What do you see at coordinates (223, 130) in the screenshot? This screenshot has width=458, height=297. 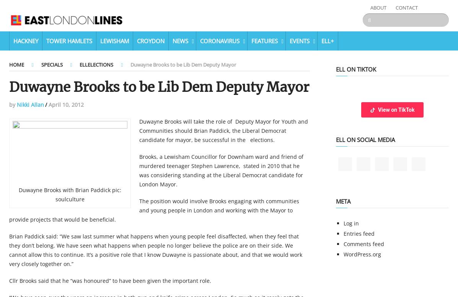 I see `'Duwayne Brooks will take the role of  Deputy Mayor for Youth and Communities should Brian Paddick, the Liberal Democrat candidate for mayor, be successful in the   elections.'` at bounding box center [223, 130].